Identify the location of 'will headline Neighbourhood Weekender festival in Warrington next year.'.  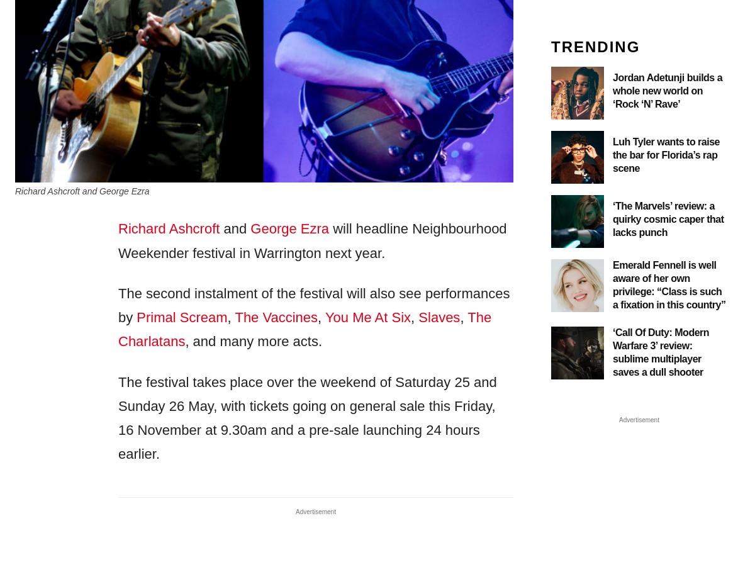
(118, 240).